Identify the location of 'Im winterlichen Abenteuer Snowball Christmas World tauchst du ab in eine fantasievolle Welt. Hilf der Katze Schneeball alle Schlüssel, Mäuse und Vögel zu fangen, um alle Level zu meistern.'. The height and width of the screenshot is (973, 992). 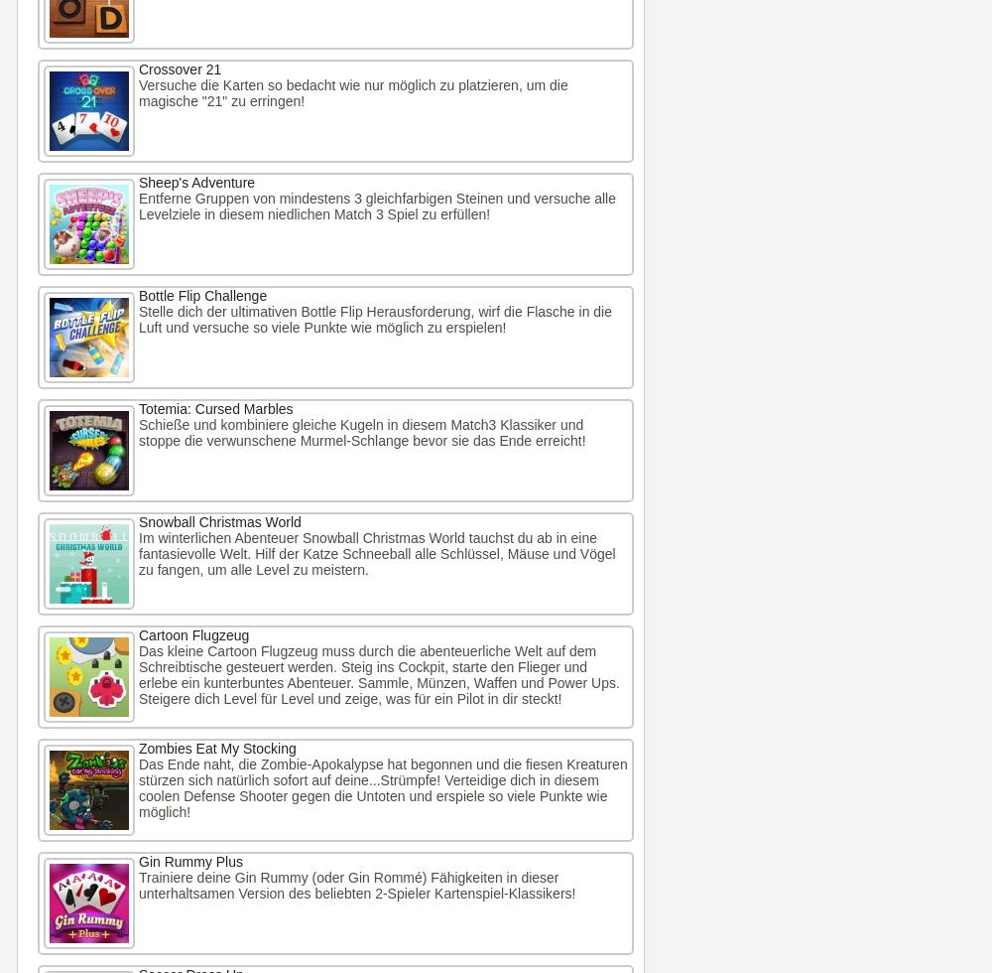
(139, 554).